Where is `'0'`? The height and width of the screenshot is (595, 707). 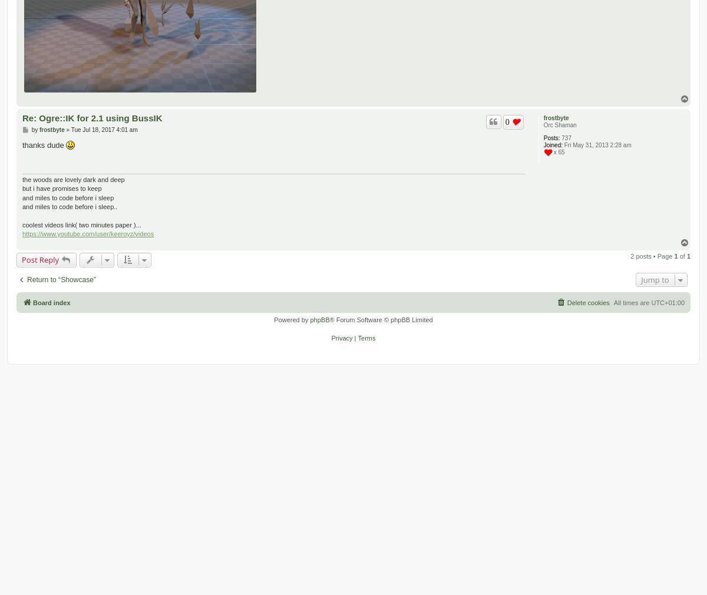 '0' is located at coordinates (506, 121).